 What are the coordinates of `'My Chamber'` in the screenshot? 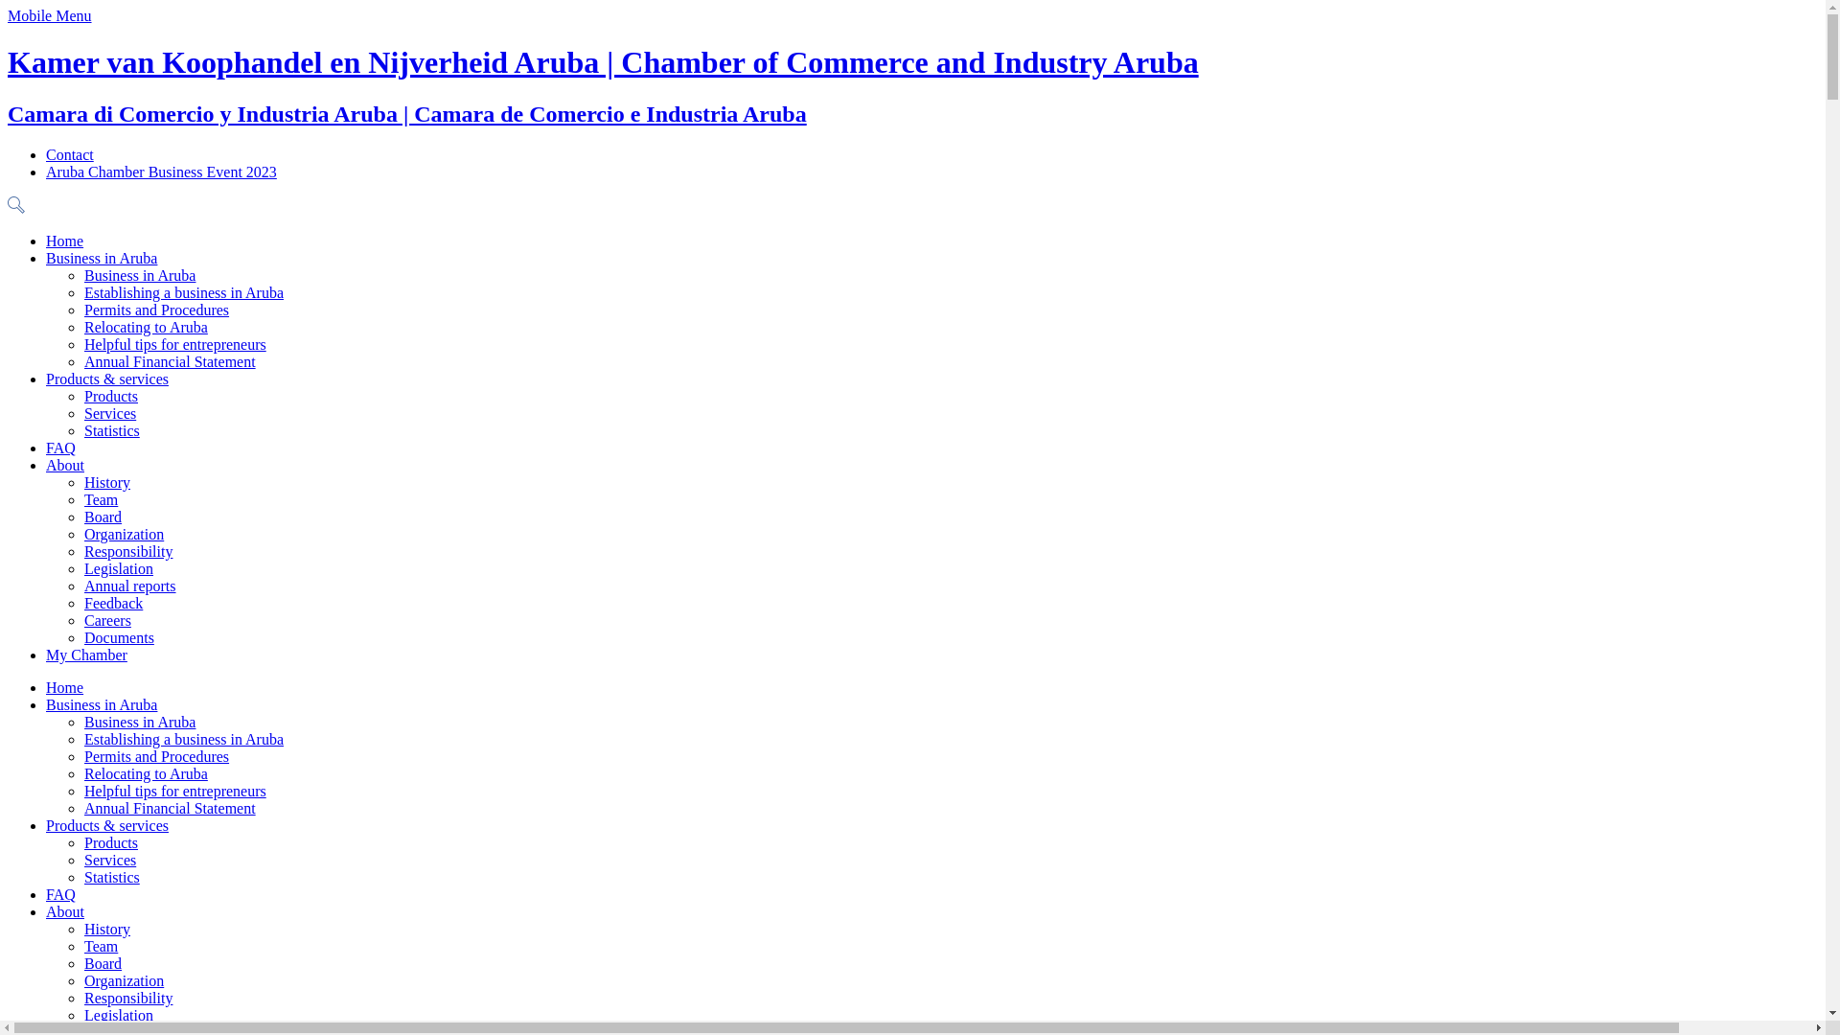 It's located at (85, 654).